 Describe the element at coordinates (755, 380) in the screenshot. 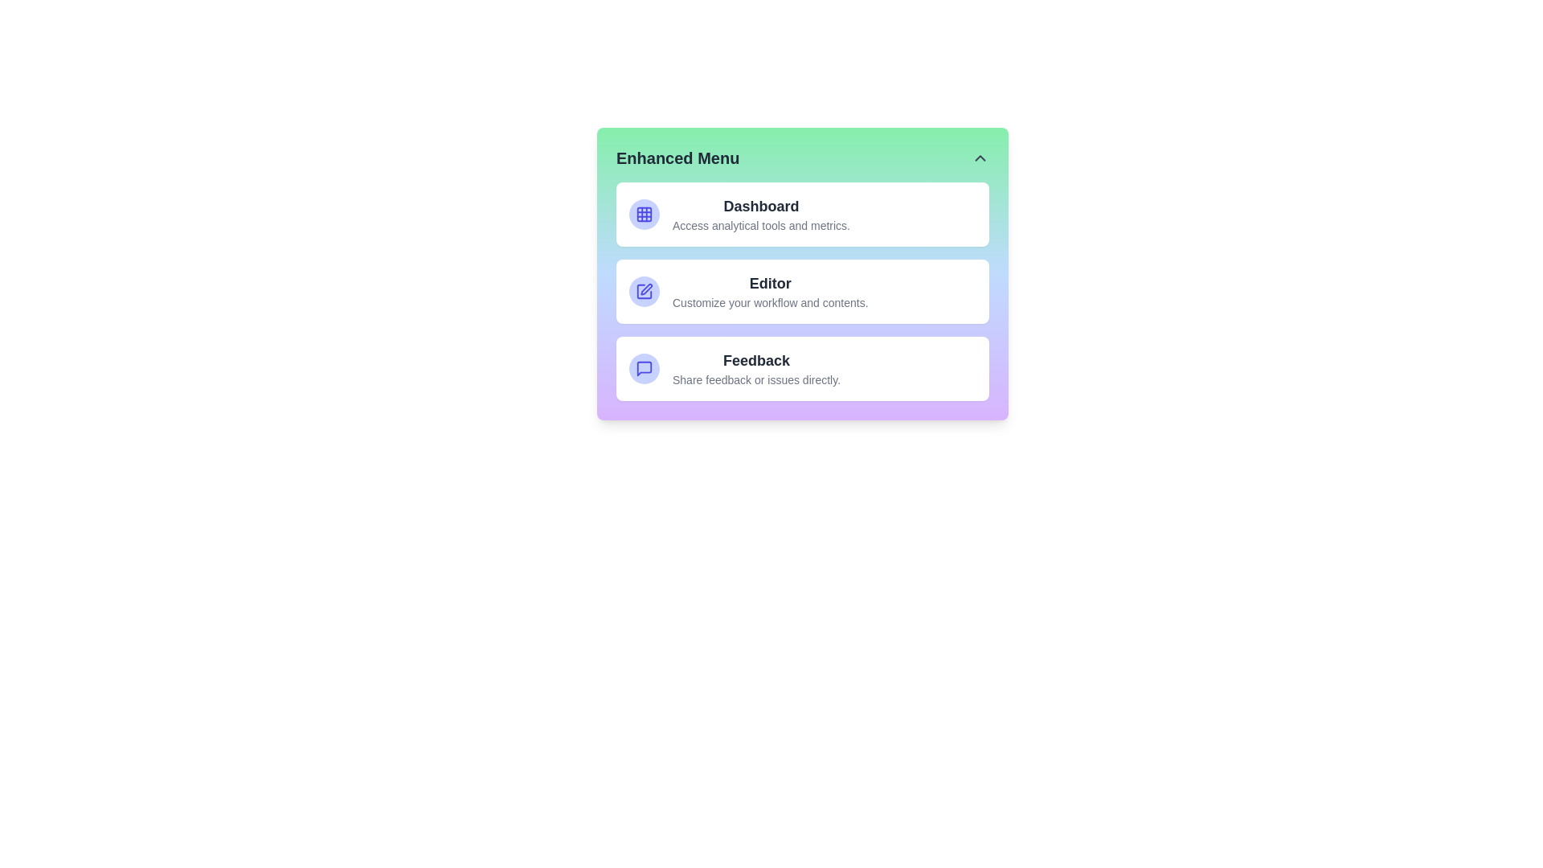

I see `the descriptive text under the menu item Feedback` at that location.